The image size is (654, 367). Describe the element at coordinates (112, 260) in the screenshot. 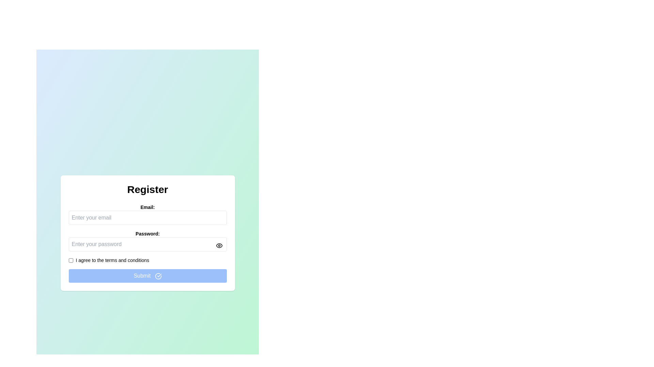

I see `the text label that states 'I agree to the terms and conditions' to read the text` at that location.